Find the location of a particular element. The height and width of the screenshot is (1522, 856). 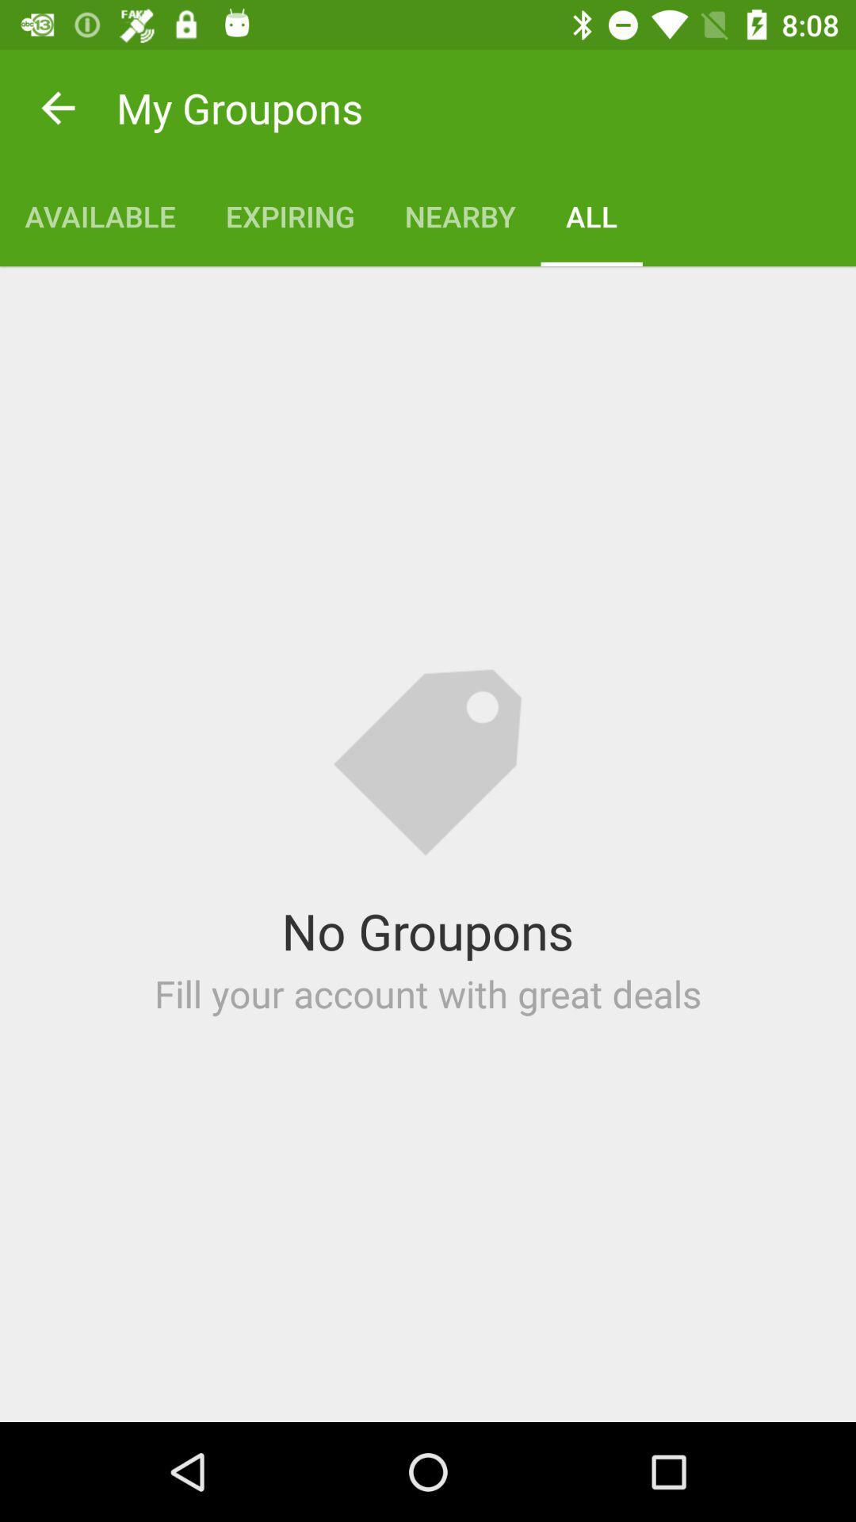

item to the right of nearby item is located at coordinates (591, 216).